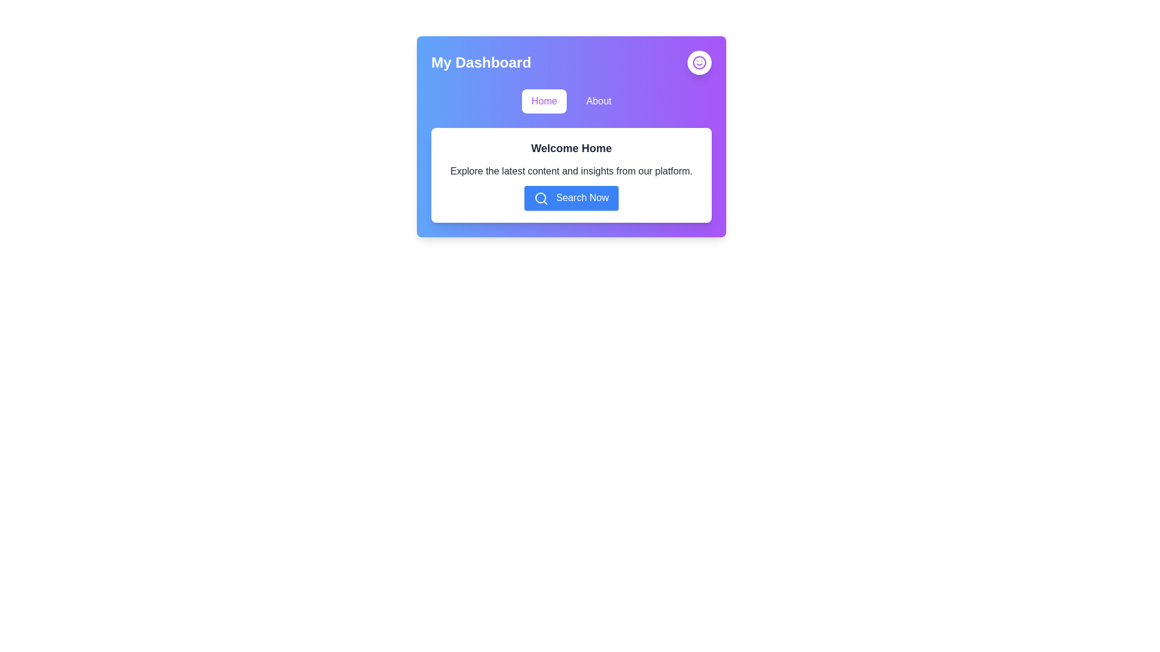 The width and height of the screenshot is (1160, 652). I want to click on the interactive button located, so click(699, 63).